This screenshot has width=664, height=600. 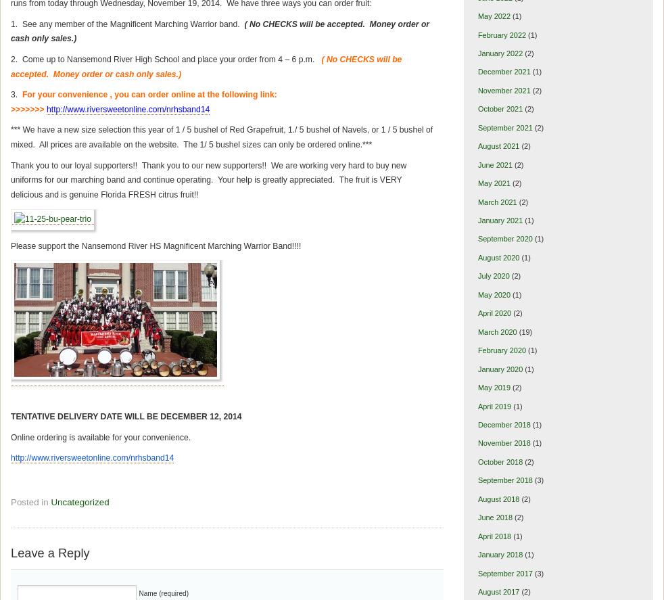 What do you see at coordinates (496, 202) in the screenshot?
I see `'March 2021'` at bounding box center [496, 202].